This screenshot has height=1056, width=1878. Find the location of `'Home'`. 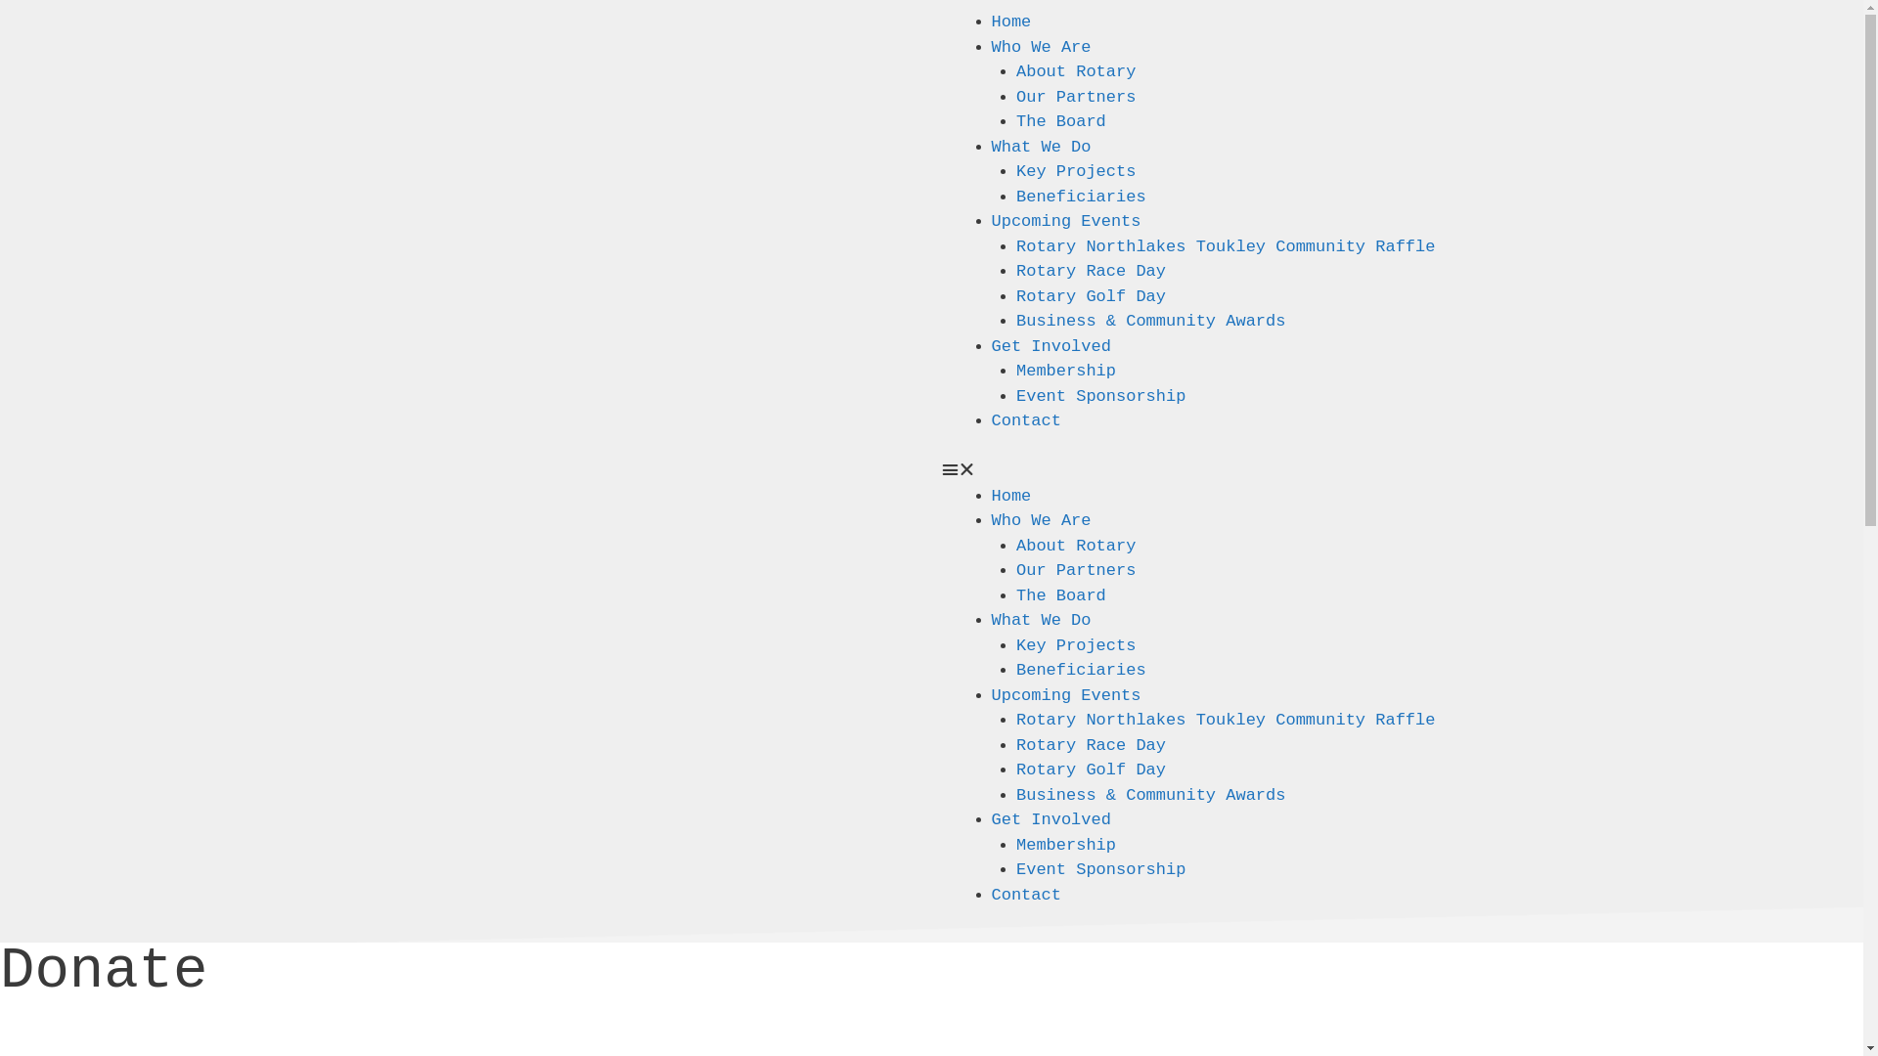

'Home' is located at coordinates (1011, 22).